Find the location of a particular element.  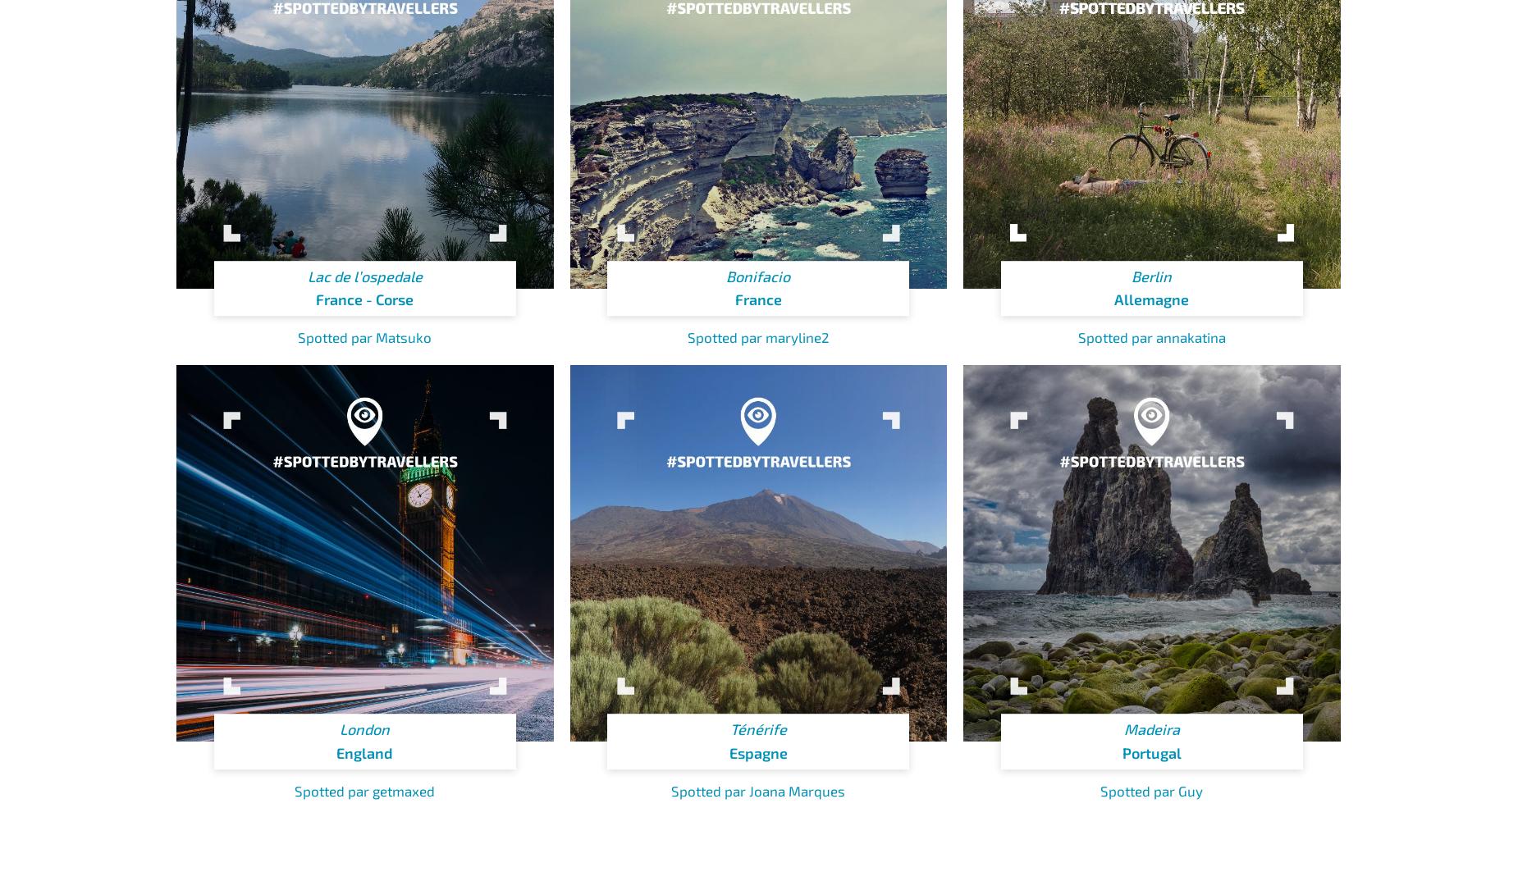

'Lac de l’ospedale' is located at coordinates (363, 274).